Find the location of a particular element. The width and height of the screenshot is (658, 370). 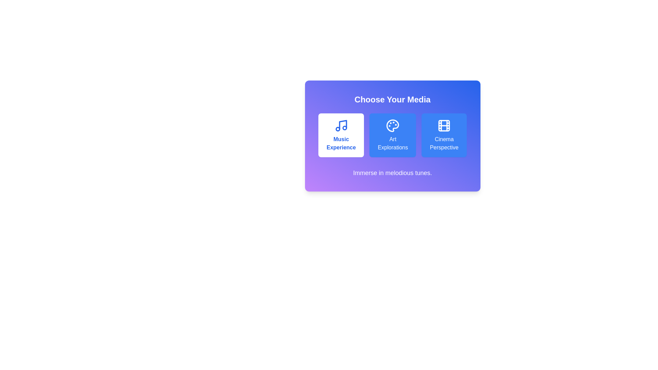

the media option Cinema Perspective by clicking its corresponding button is located at coordinates (444, 135).